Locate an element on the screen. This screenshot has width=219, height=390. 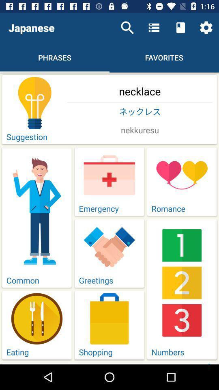
the item below the eating icon is located at coordinates (140, 363).